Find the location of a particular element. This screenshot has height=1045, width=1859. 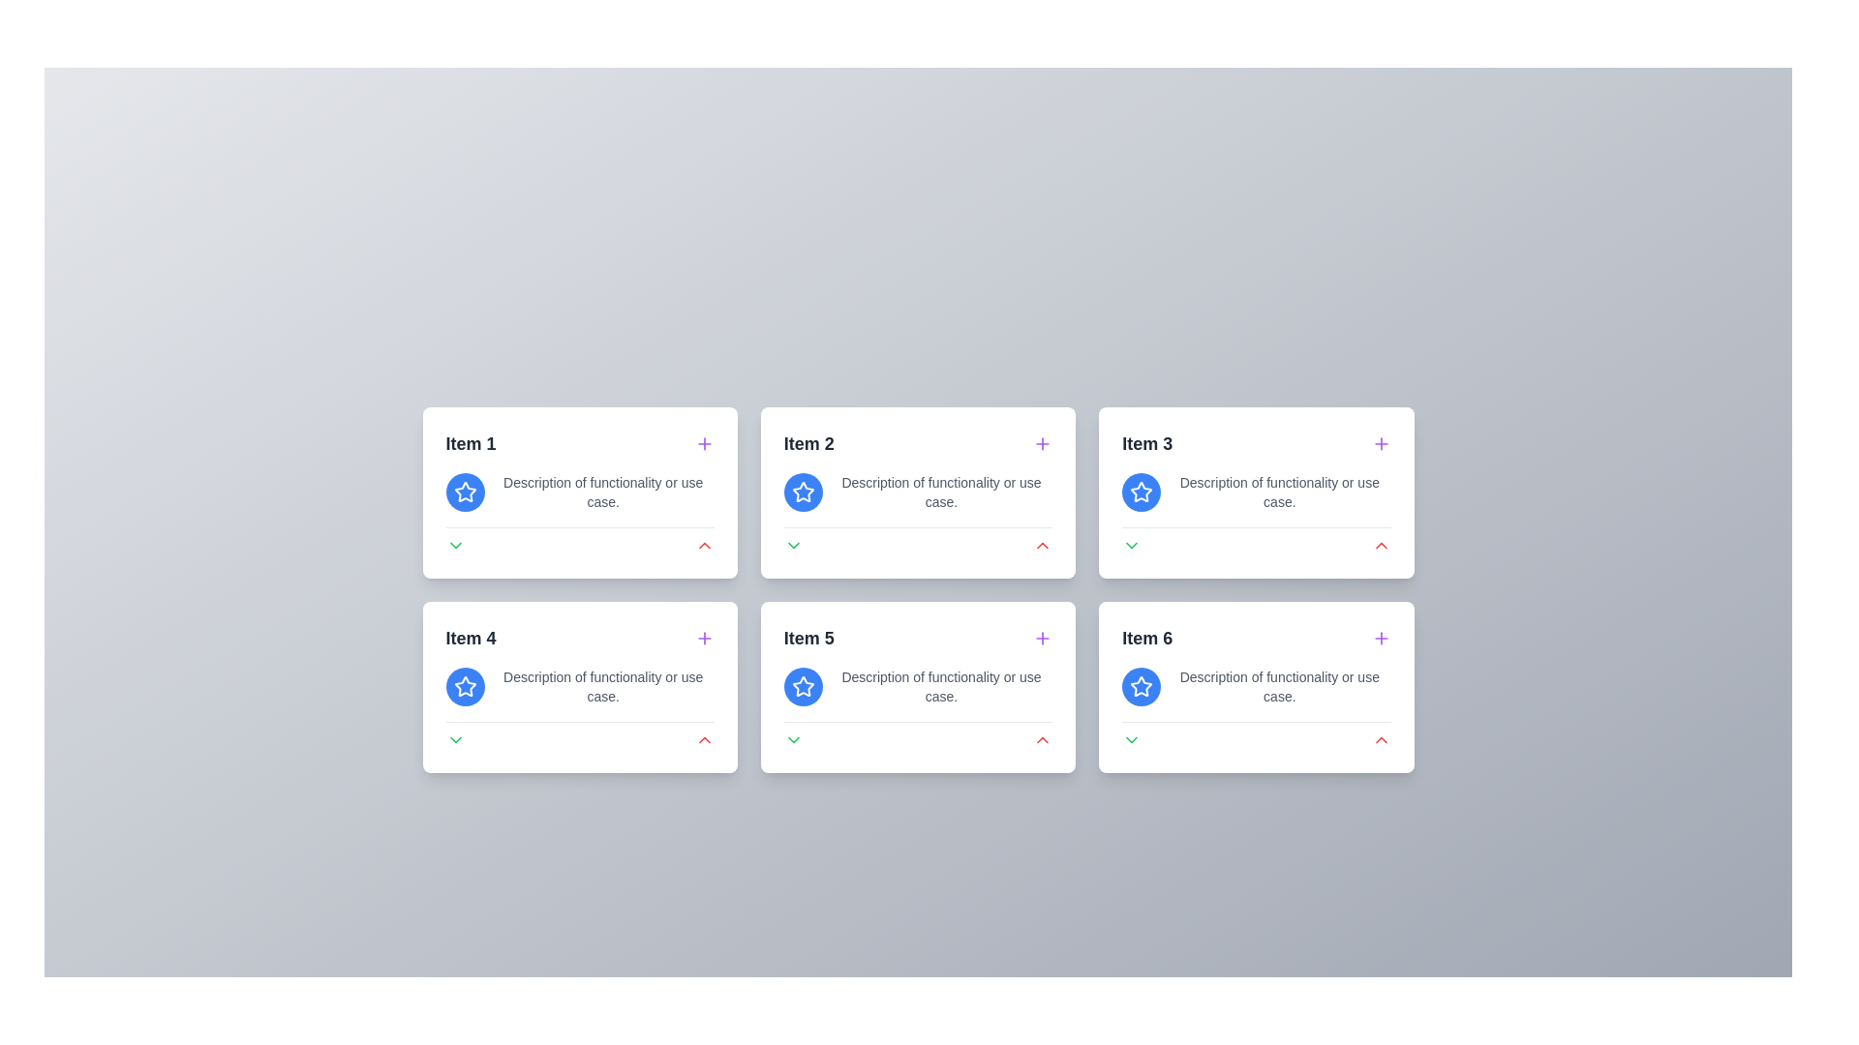

the decorative or interactive marker icon located at the top-left corner of the card labeled 'Item 1' is located at coordinates (465, 492).